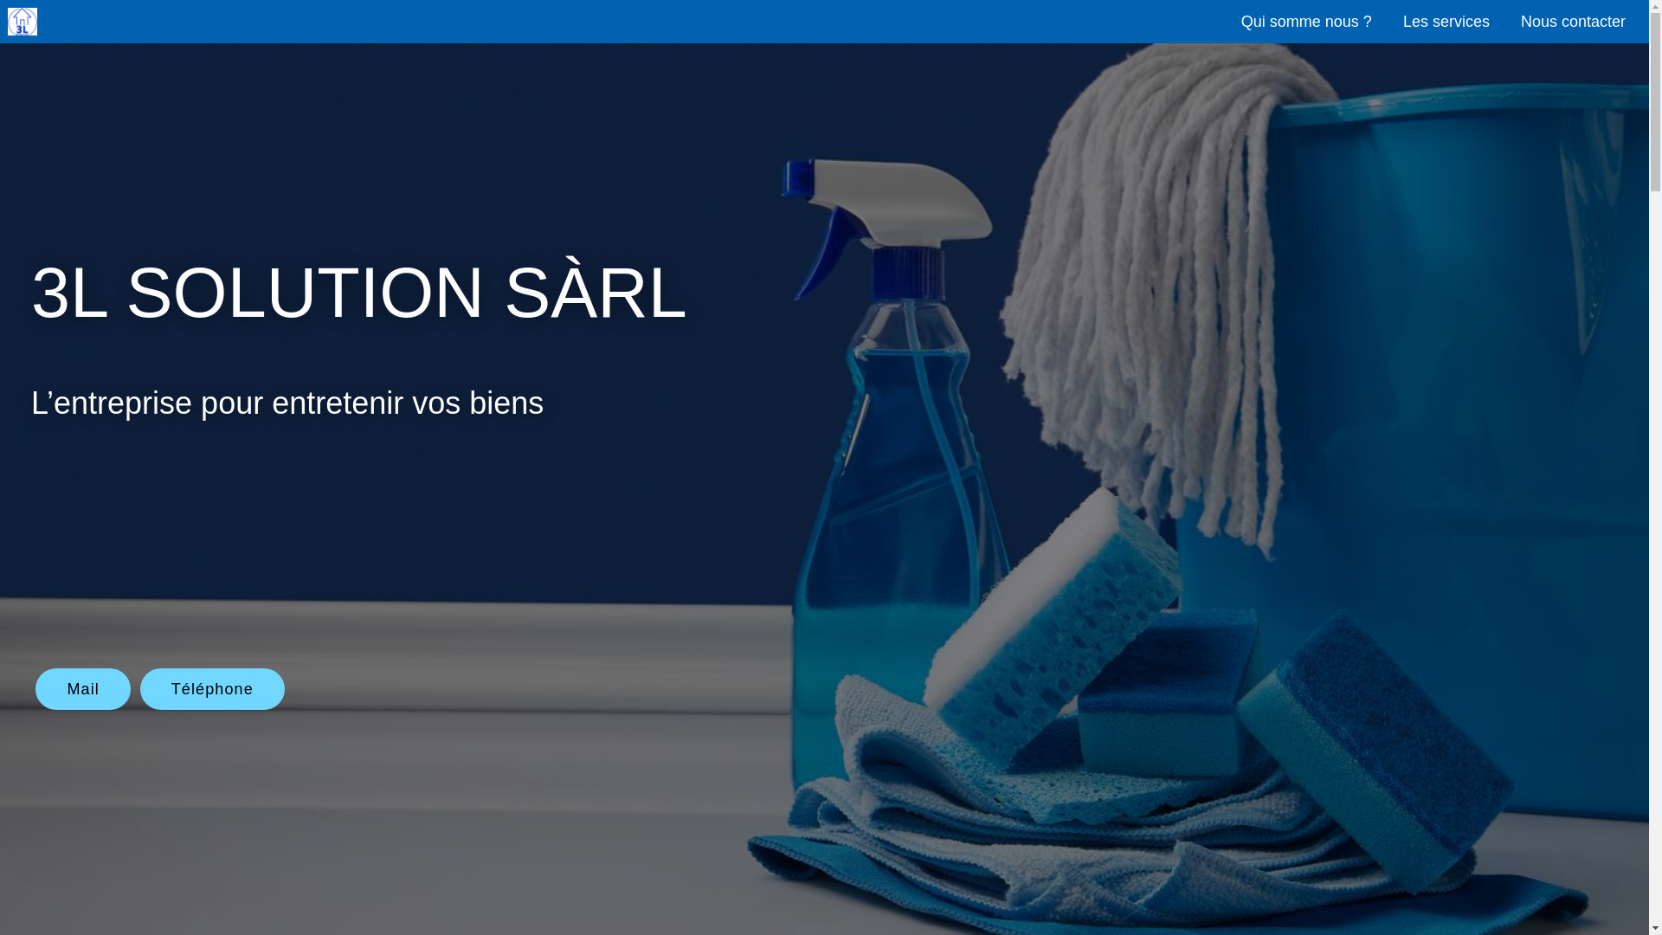 The width and height of the screenshot is (1662, 935). What do you see at coordinates (1388, 20) in the screenshot?
I see `'Les services'` at bounding box center [1388, 20].